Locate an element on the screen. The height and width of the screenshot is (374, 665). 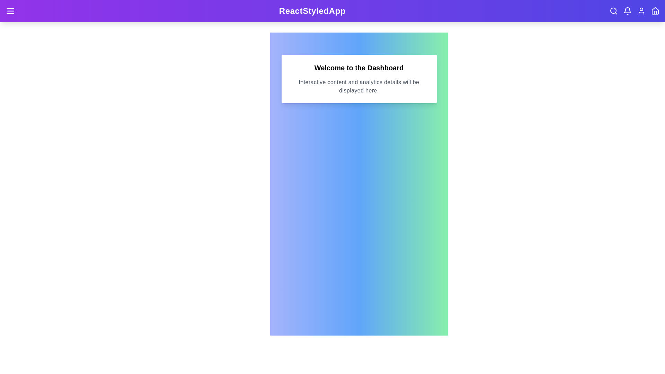
the Home navigation icon to navigate is located at coordinates (655, 11).